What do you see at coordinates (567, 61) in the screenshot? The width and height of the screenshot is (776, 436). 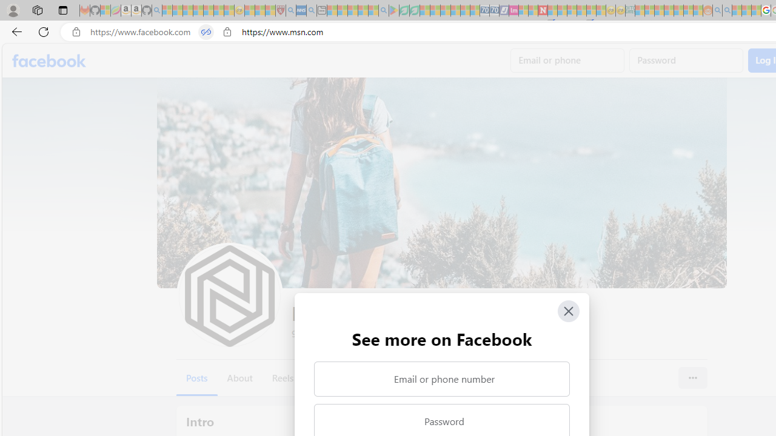 I see `'Email or phone'` at bounding box center [567, 61].